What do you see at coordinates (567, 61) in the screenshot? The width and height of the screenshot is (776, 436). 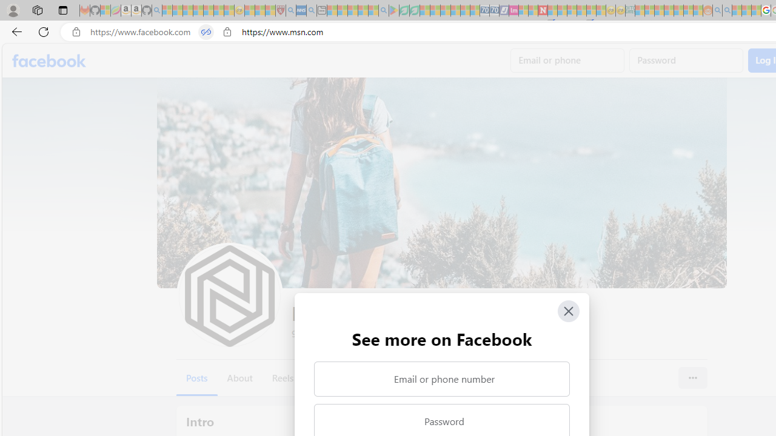 I see `'Email or phone'` at bounding box center [567, 61].